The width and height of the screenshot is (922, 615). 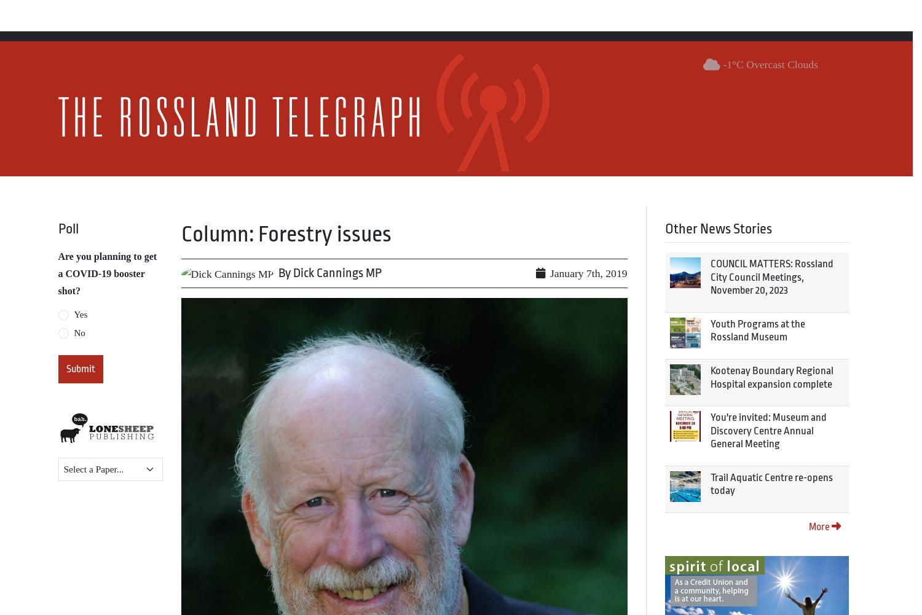 I want to click on 'email address:', so click(x=338, y=116).